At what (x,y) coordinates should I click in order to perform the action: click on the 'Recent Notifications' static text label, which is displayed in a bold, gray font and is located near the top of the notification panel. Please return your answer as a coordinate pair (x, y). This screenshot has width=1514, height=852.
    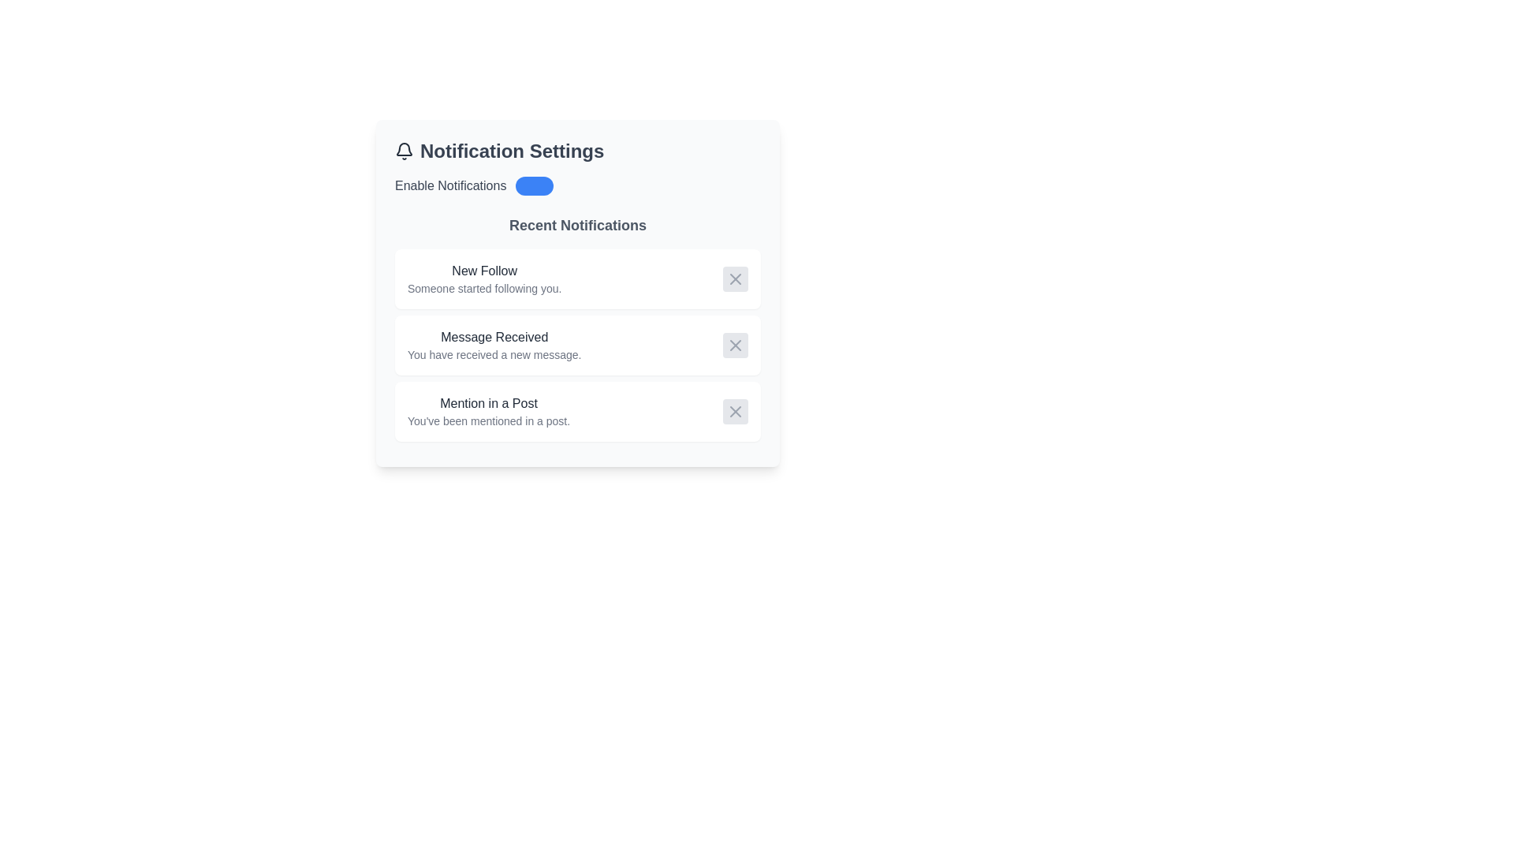
    Looking at the image, I should click on (577, 225).